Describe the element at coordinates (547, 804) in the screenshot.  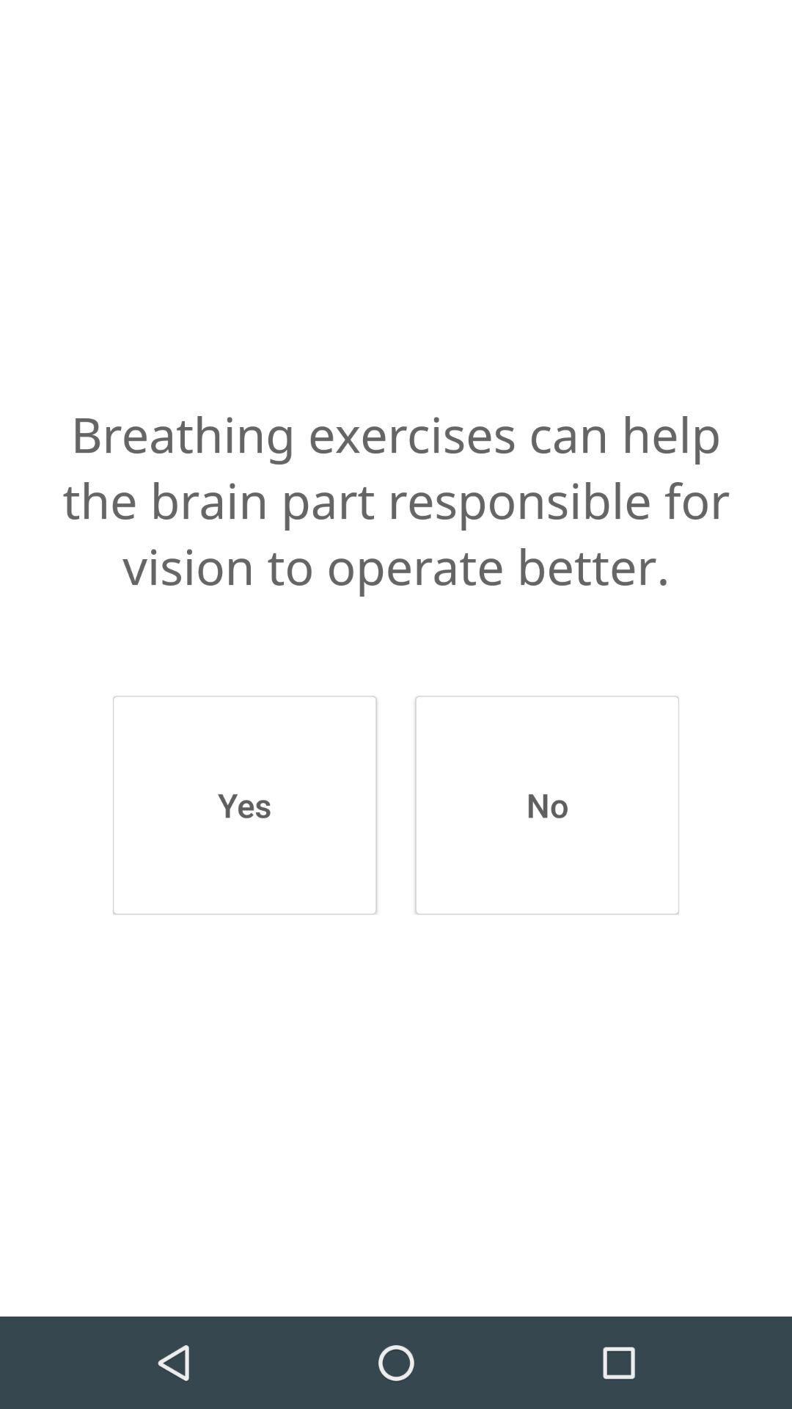
I see `icon to the right of the yes icon` at that location.